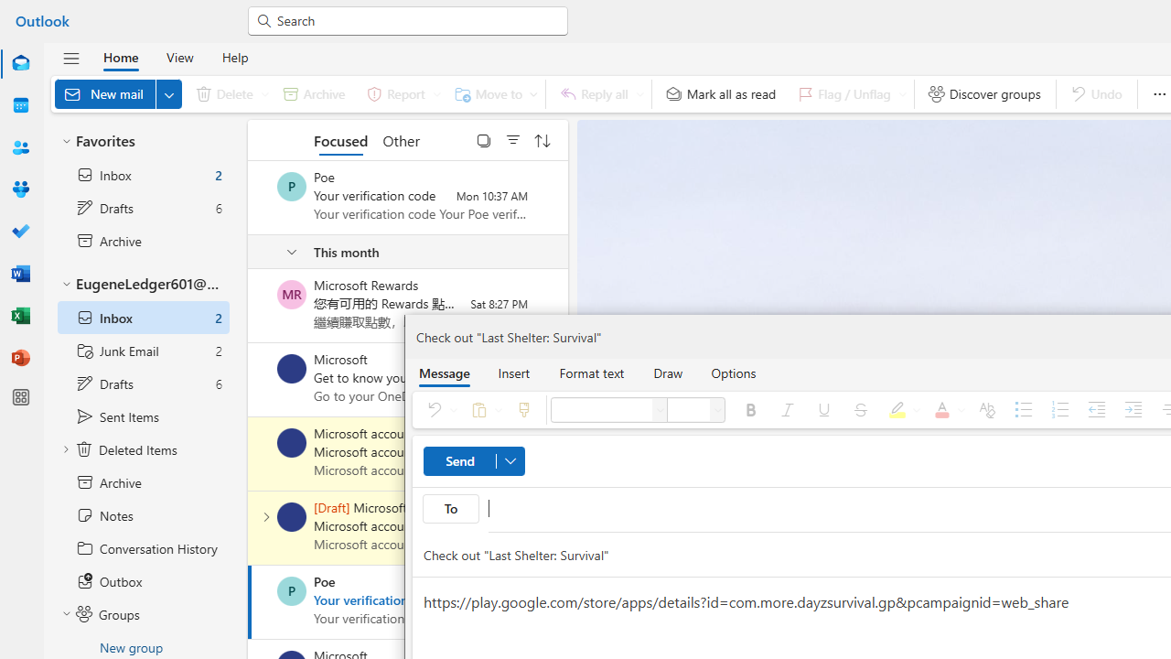  Describe the element at coordinates (847, 93) in the screenshot. I see `'Flag / Unflag'` at that location.